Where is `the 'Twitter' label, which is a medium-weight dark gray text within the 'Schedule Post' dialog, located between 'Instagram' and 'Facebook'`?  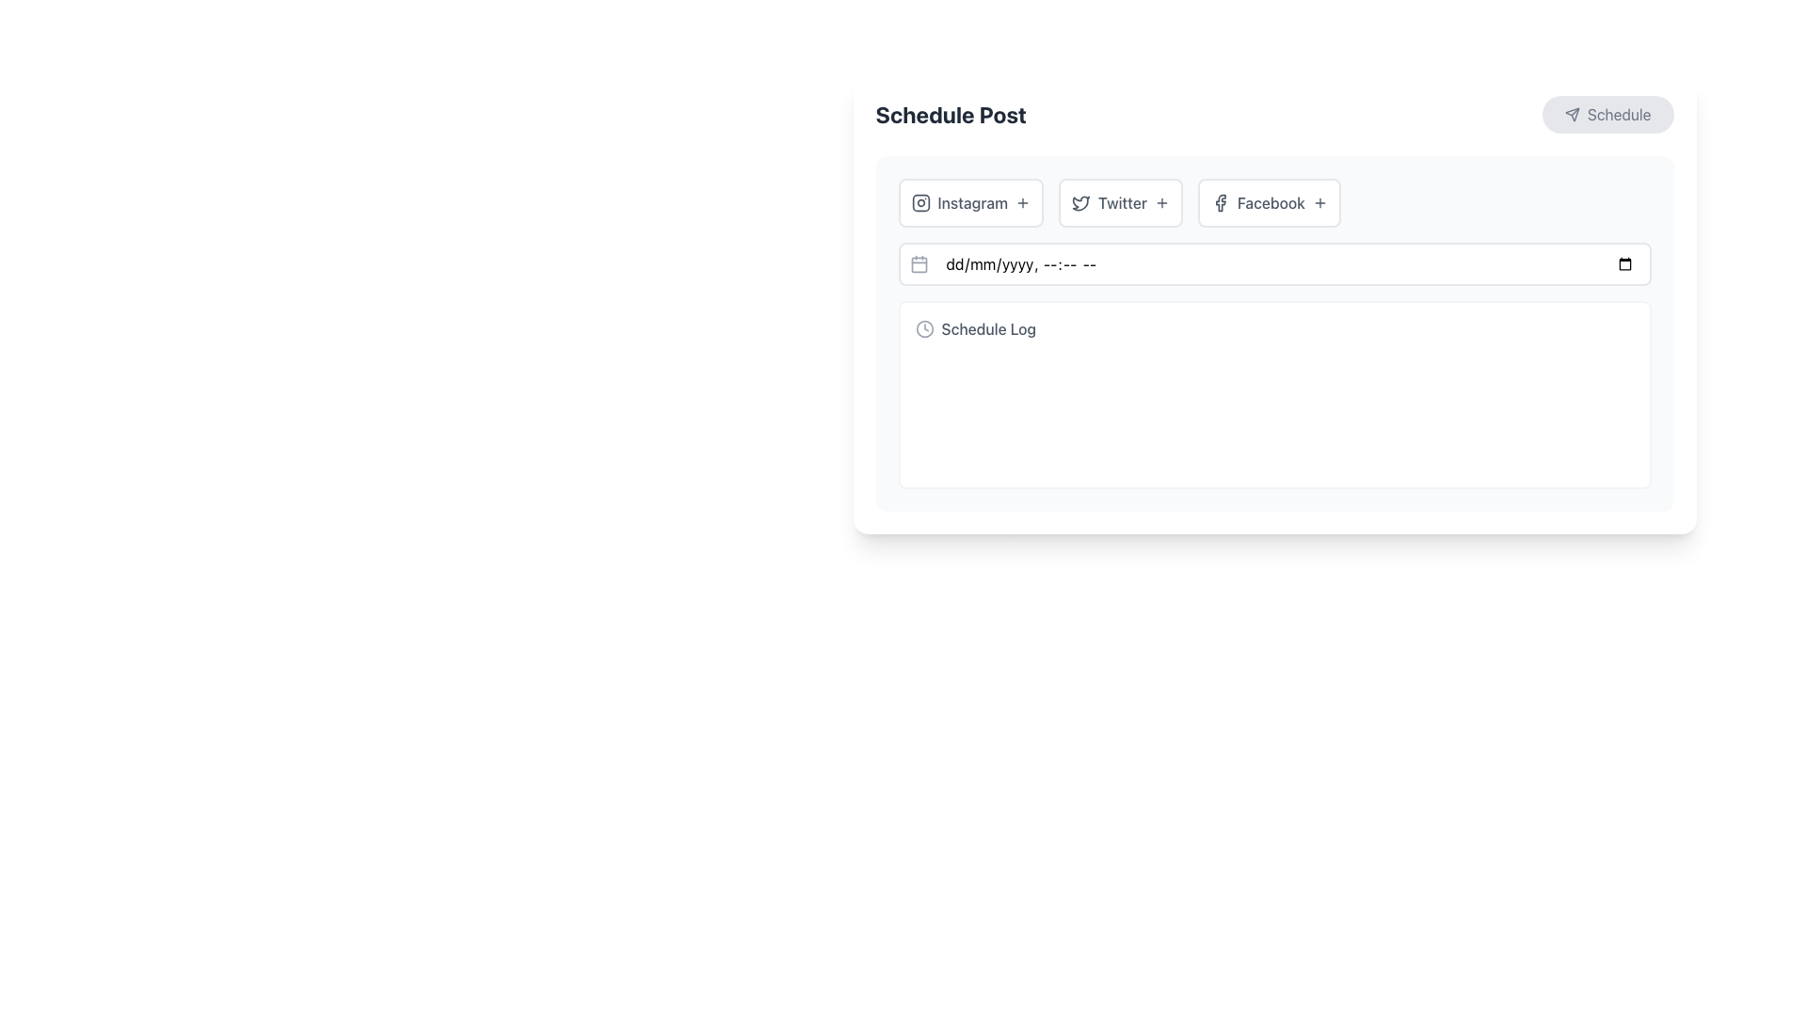
the 'Twitter' label, which is a medium-weight dark gray text within the 'Schedule Post' dialog, located between 'Instagram' and 'Facebook' is located at coordinates (1123, 203).